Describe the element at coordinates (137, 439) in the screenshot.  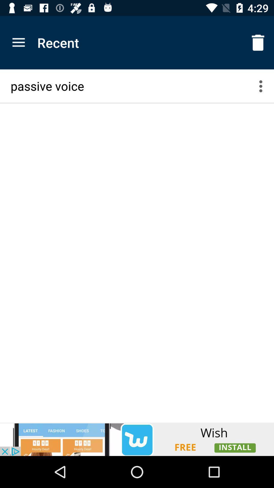
I see `share the article` at that location.